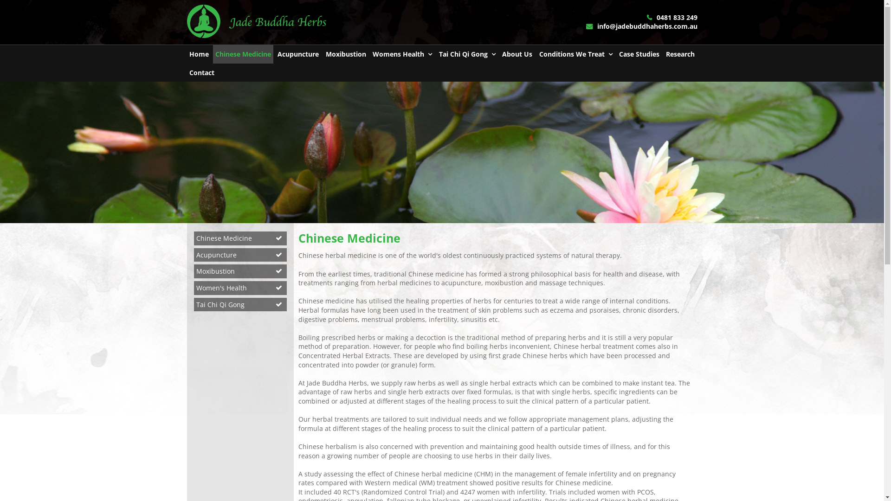 The width and height of the screenshot is (891, 501). What do you see at coordinates (240, 304) in the screenshot?
I see `'Tai Chi Qi Gong'` at bounding box center [240, 304].